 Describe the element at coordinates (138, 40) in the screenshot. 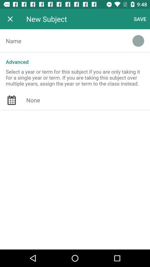

I see `the icon above the advanced icon` at that location.